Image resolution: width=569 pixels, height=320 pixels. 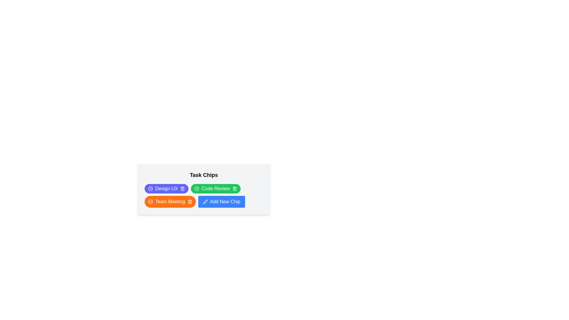 I want to click on the delete icon located on the right edge of the 'Team Meeting' chip to facilitate keyboard navigation, so click(x=190, y=201).